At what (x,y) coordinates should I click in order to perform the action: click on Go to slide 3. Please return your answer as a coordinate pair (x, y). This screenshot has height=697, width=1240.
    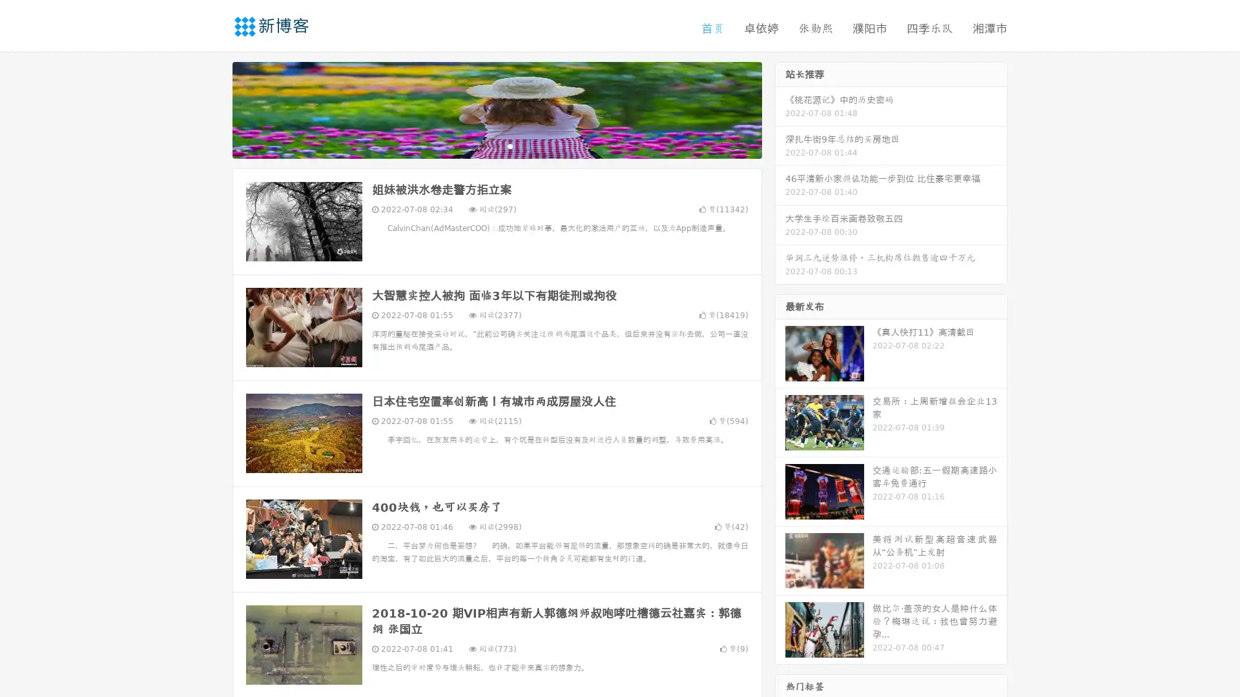
    Looking at the image, I should click on (510, 145).